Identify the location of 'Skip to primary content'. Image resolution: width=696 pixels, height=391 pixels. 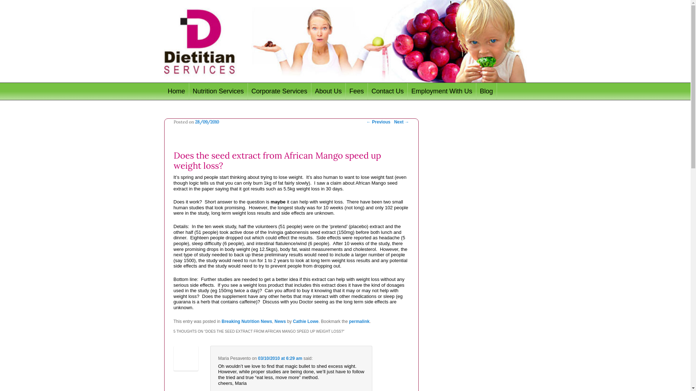
(201, 91).